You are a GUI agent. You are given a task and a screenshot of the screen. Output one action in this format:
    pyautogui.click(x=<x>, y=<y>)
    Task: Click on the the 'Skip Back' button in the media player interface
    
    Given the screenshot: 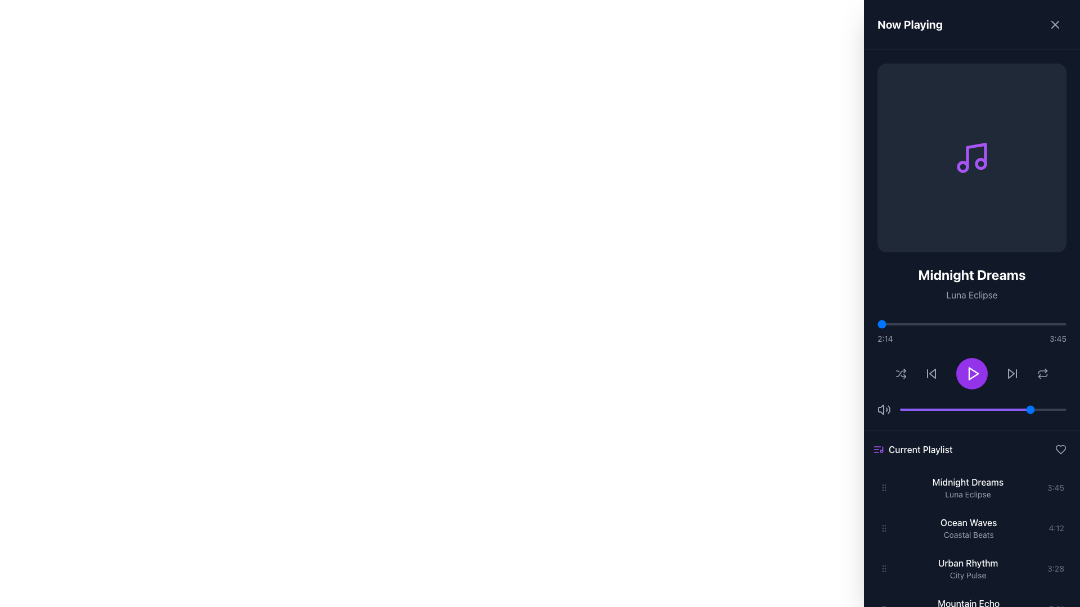 What is the action you would take?
    pyautogui.click(x=932, y=373)
    